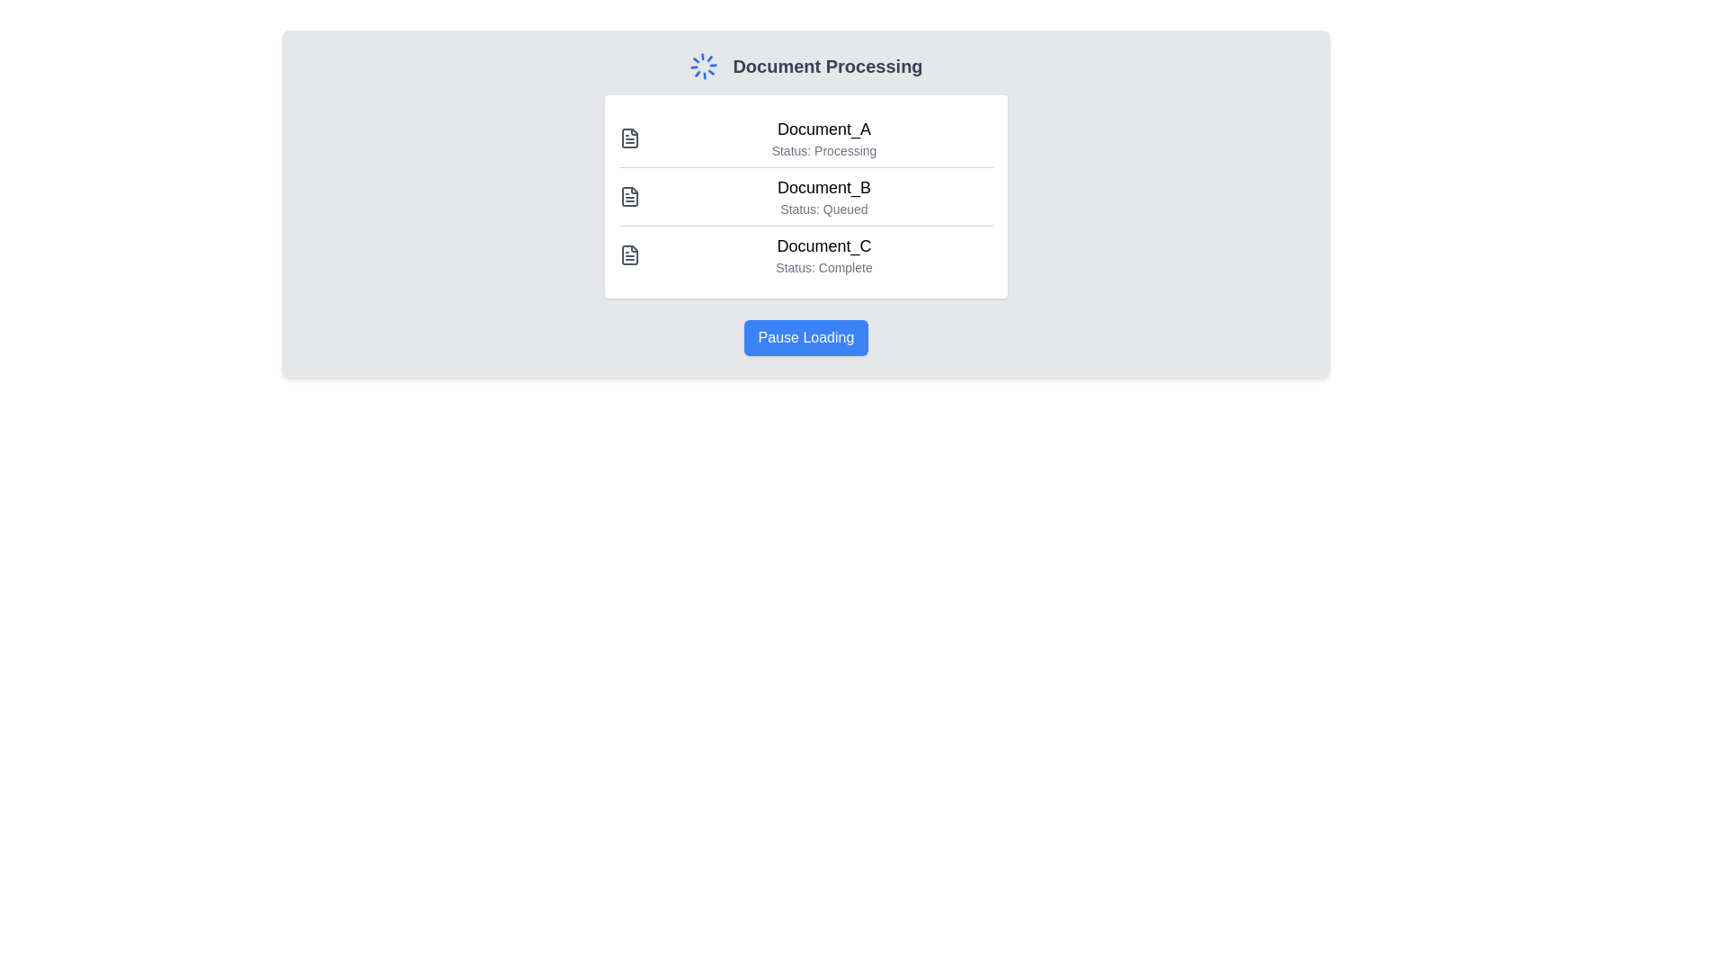  Describe the element at coordinates (823, 128) in the screenshot. I see `the text label displaying 'Document_A', which is styled as the main title within the 'Document Processing' section` at that location.